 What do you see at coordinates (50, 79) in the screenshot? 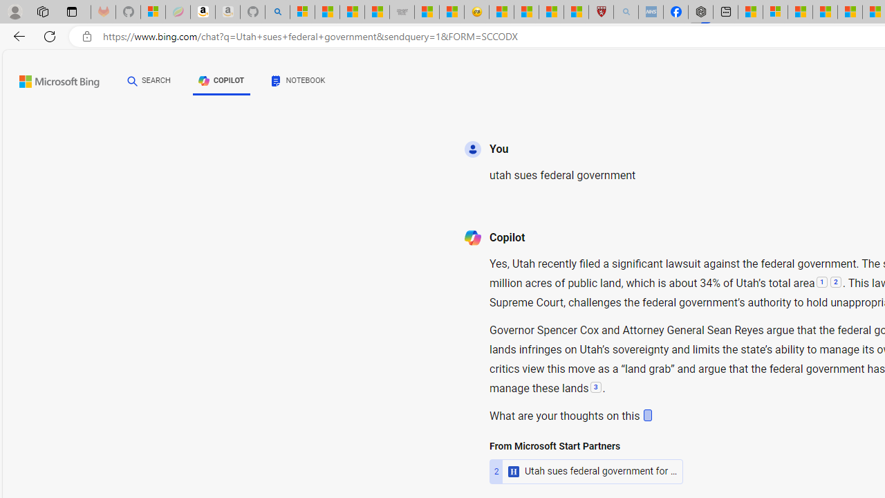
I see `'Back to Bing search'` at bounding box center [50, 79].